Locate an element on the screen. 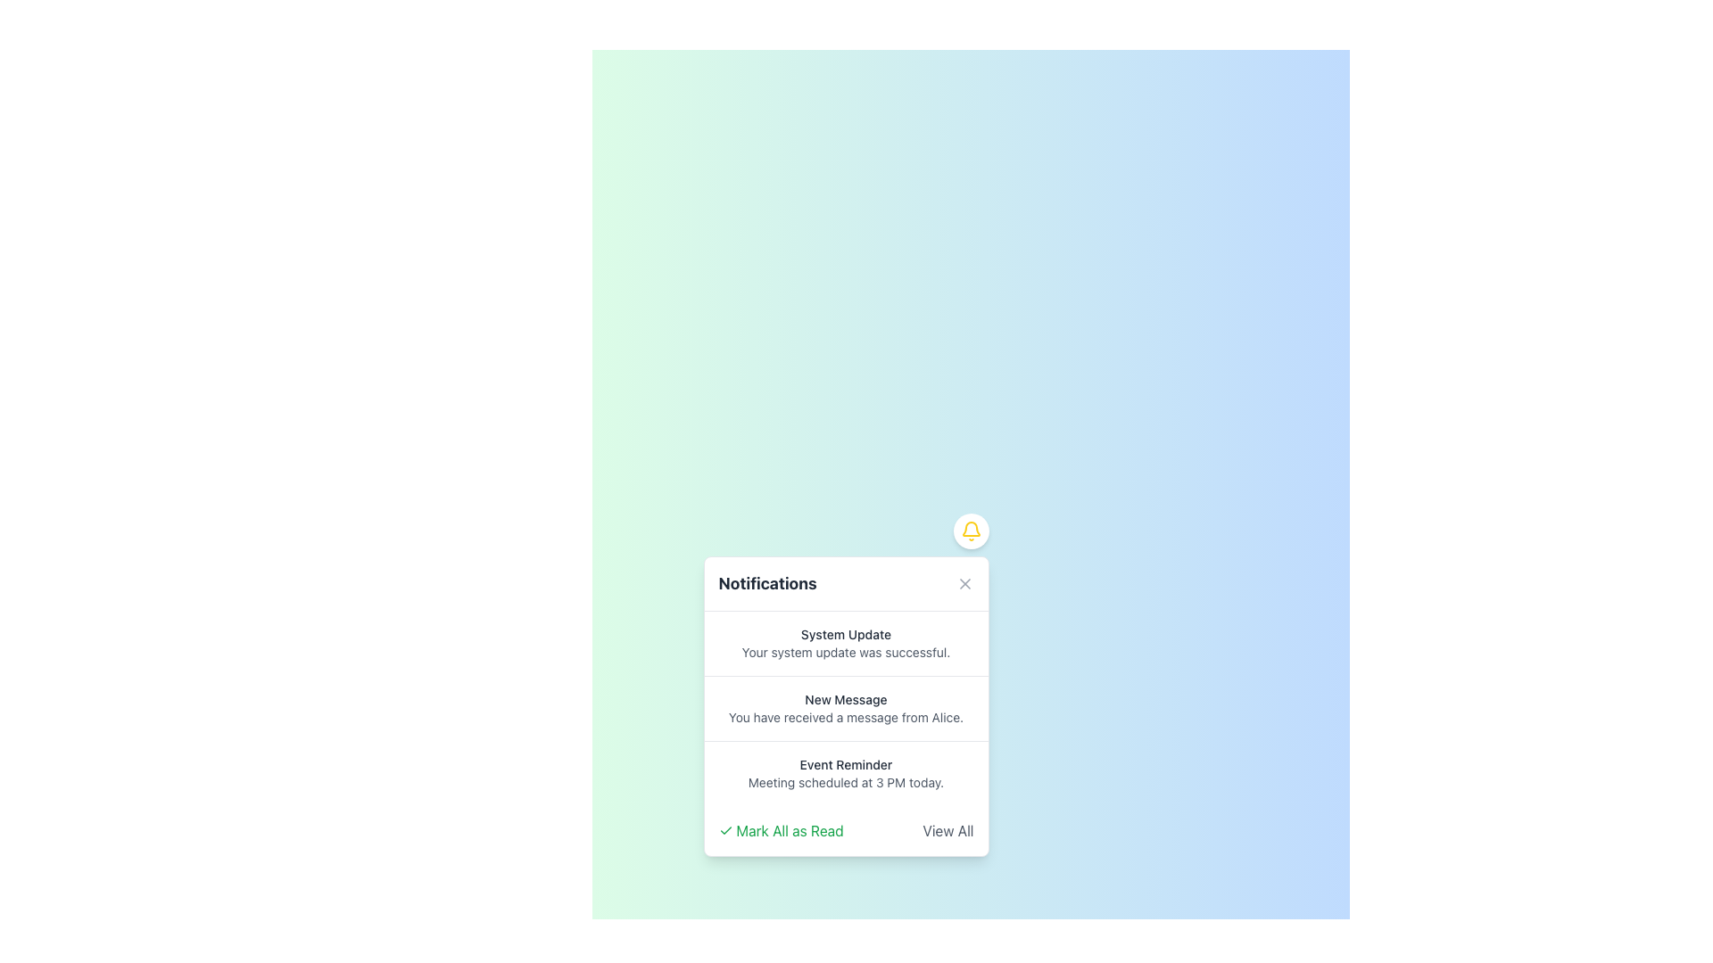 The height and width of the screenshot is (963, 1713). the yellow bell-shaped icon is located at coordinates (970, 531).